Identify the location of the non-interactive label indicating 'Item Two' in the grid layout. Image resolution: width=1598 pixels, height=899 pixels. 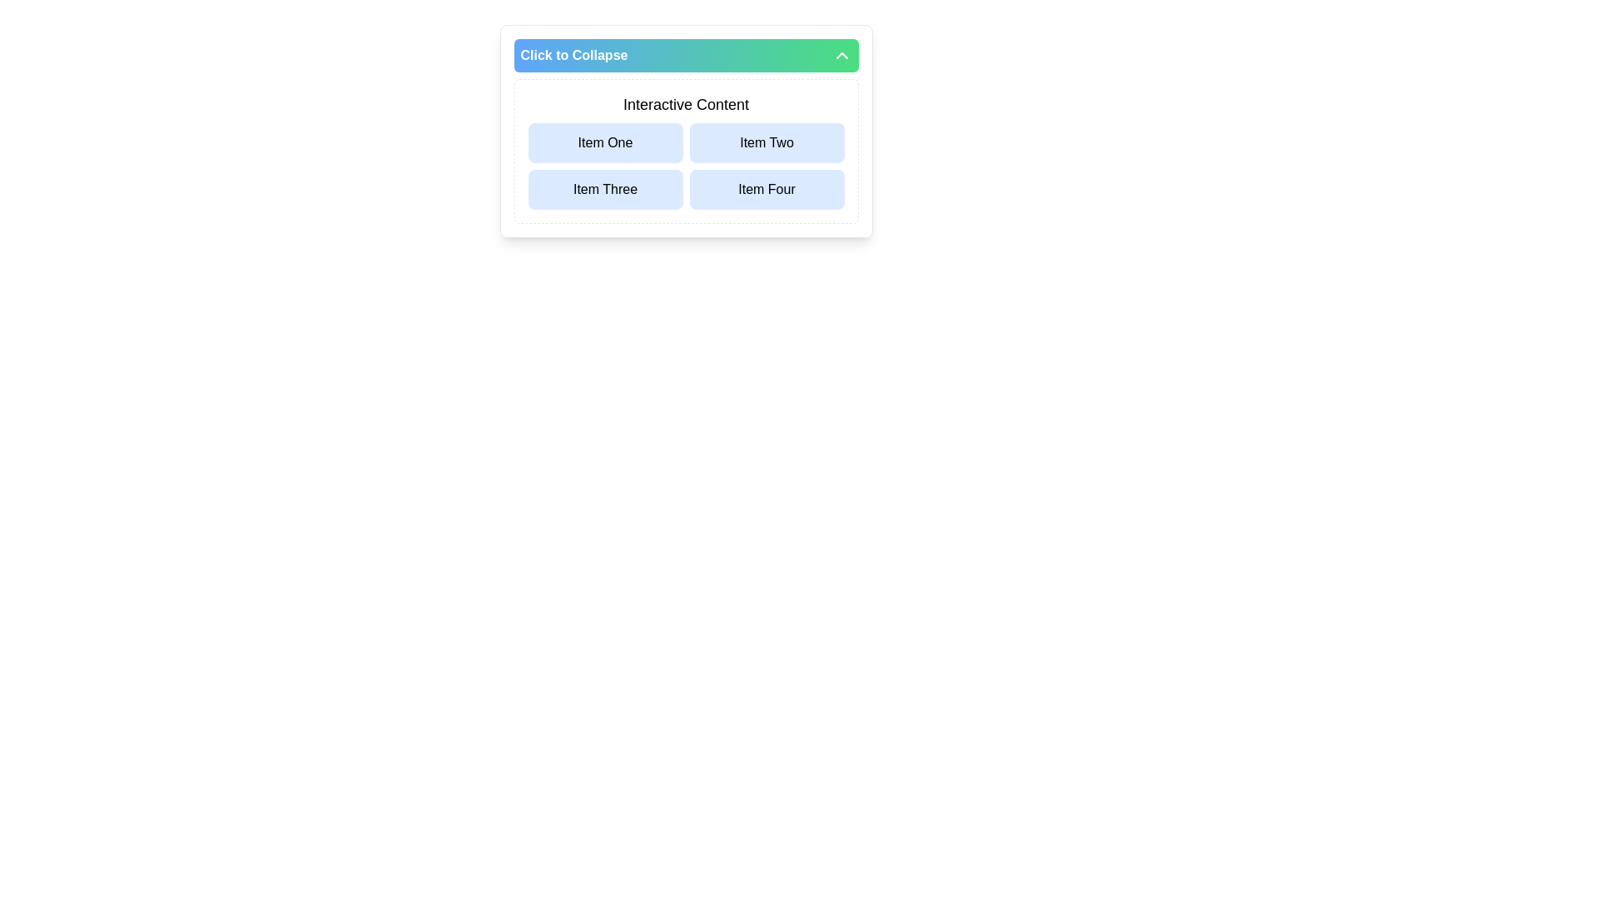
(766, 142).